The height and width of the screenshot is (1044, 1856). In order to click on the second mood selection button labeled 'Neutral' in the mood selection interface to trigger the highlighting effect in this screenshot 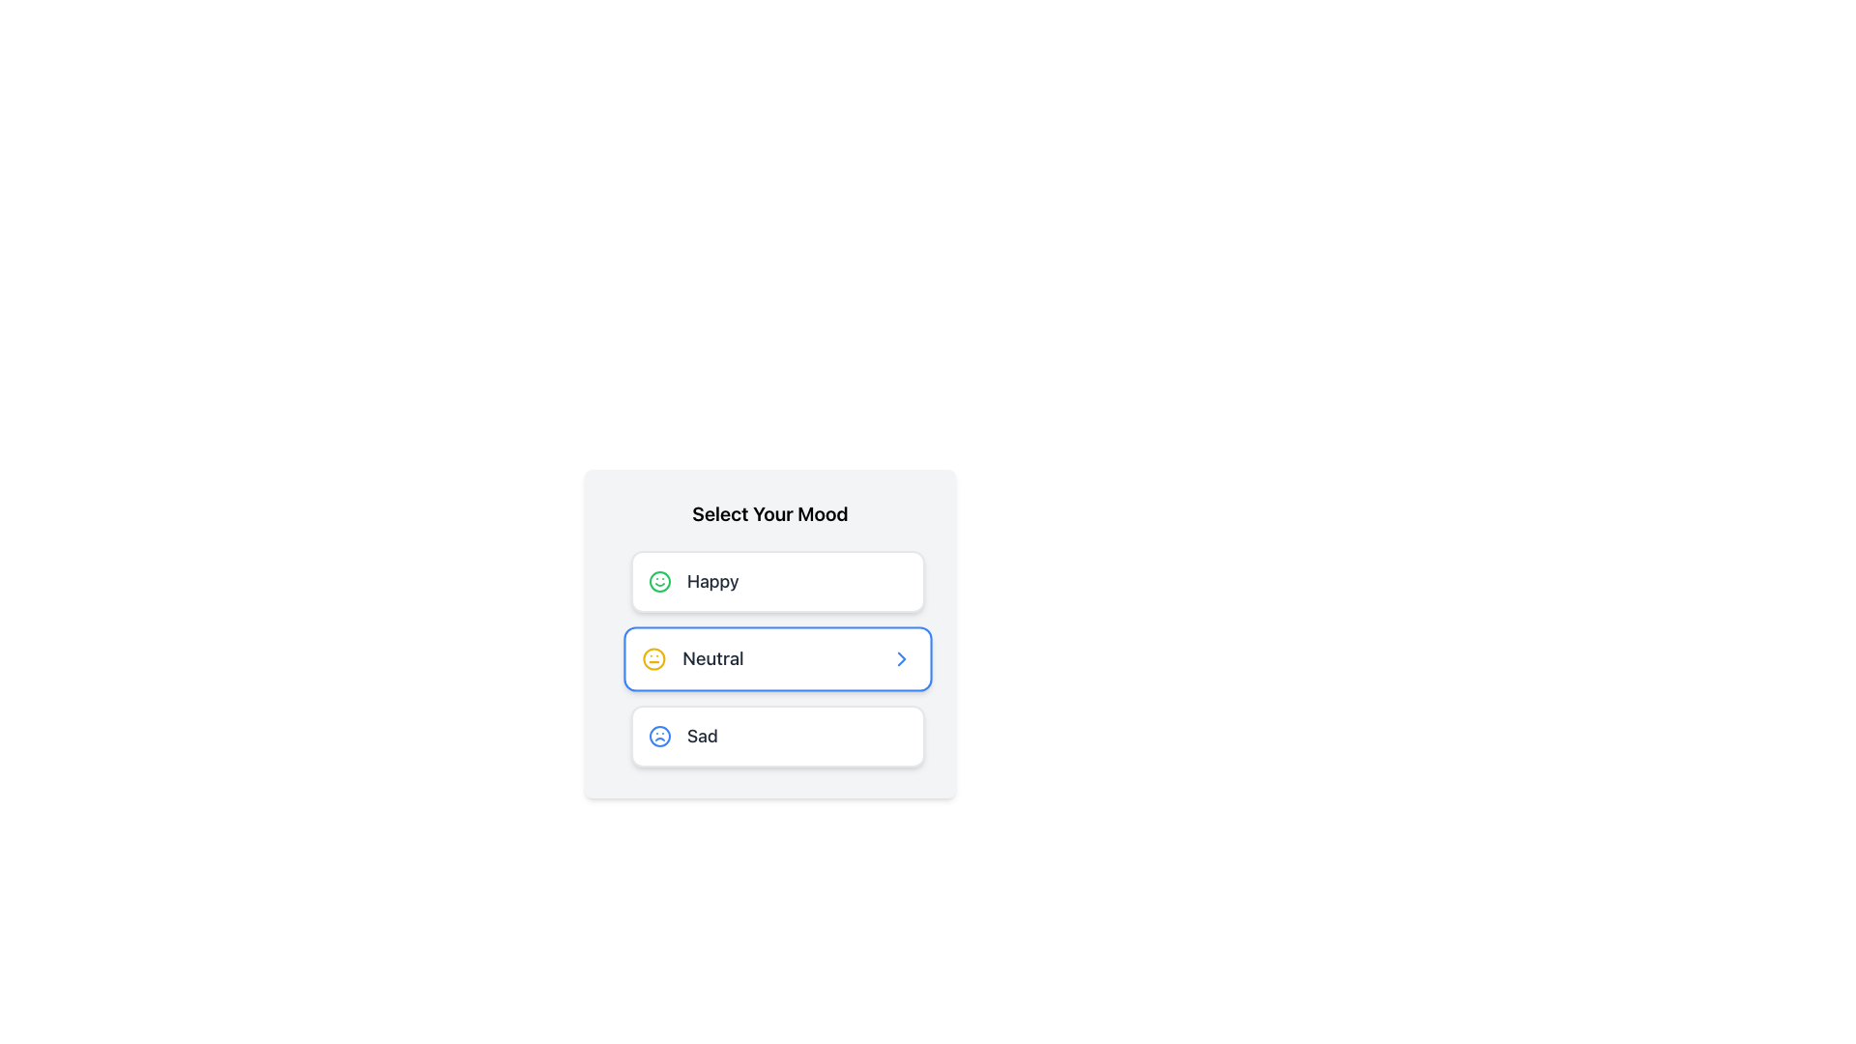, I will do `click(768, 633)`.